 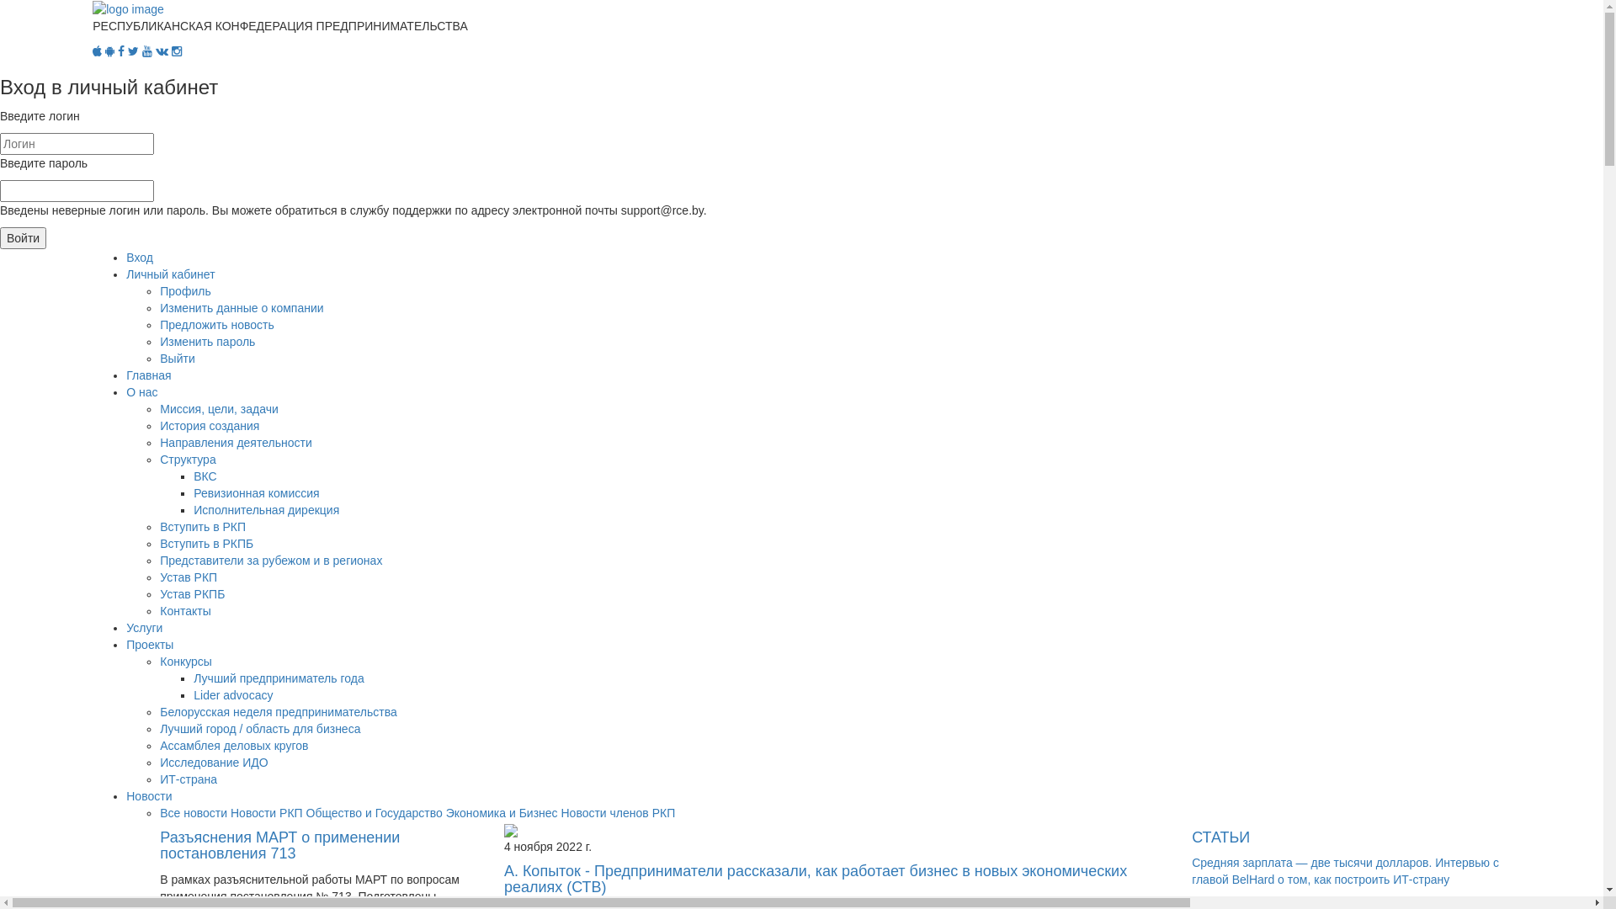 What do you see at coordinates (194, 694) in the screenshot?
I see `'Lider advocacy'` at bounding box center [194, 694].